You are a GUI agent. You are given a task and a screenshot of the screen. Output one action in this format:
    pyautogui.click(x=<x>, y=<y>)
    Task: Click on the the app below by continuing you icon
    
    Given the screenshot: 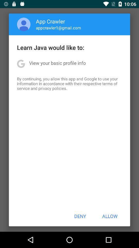 What is the action you would take?
    pyautogui.click(x=80, y=216)
    